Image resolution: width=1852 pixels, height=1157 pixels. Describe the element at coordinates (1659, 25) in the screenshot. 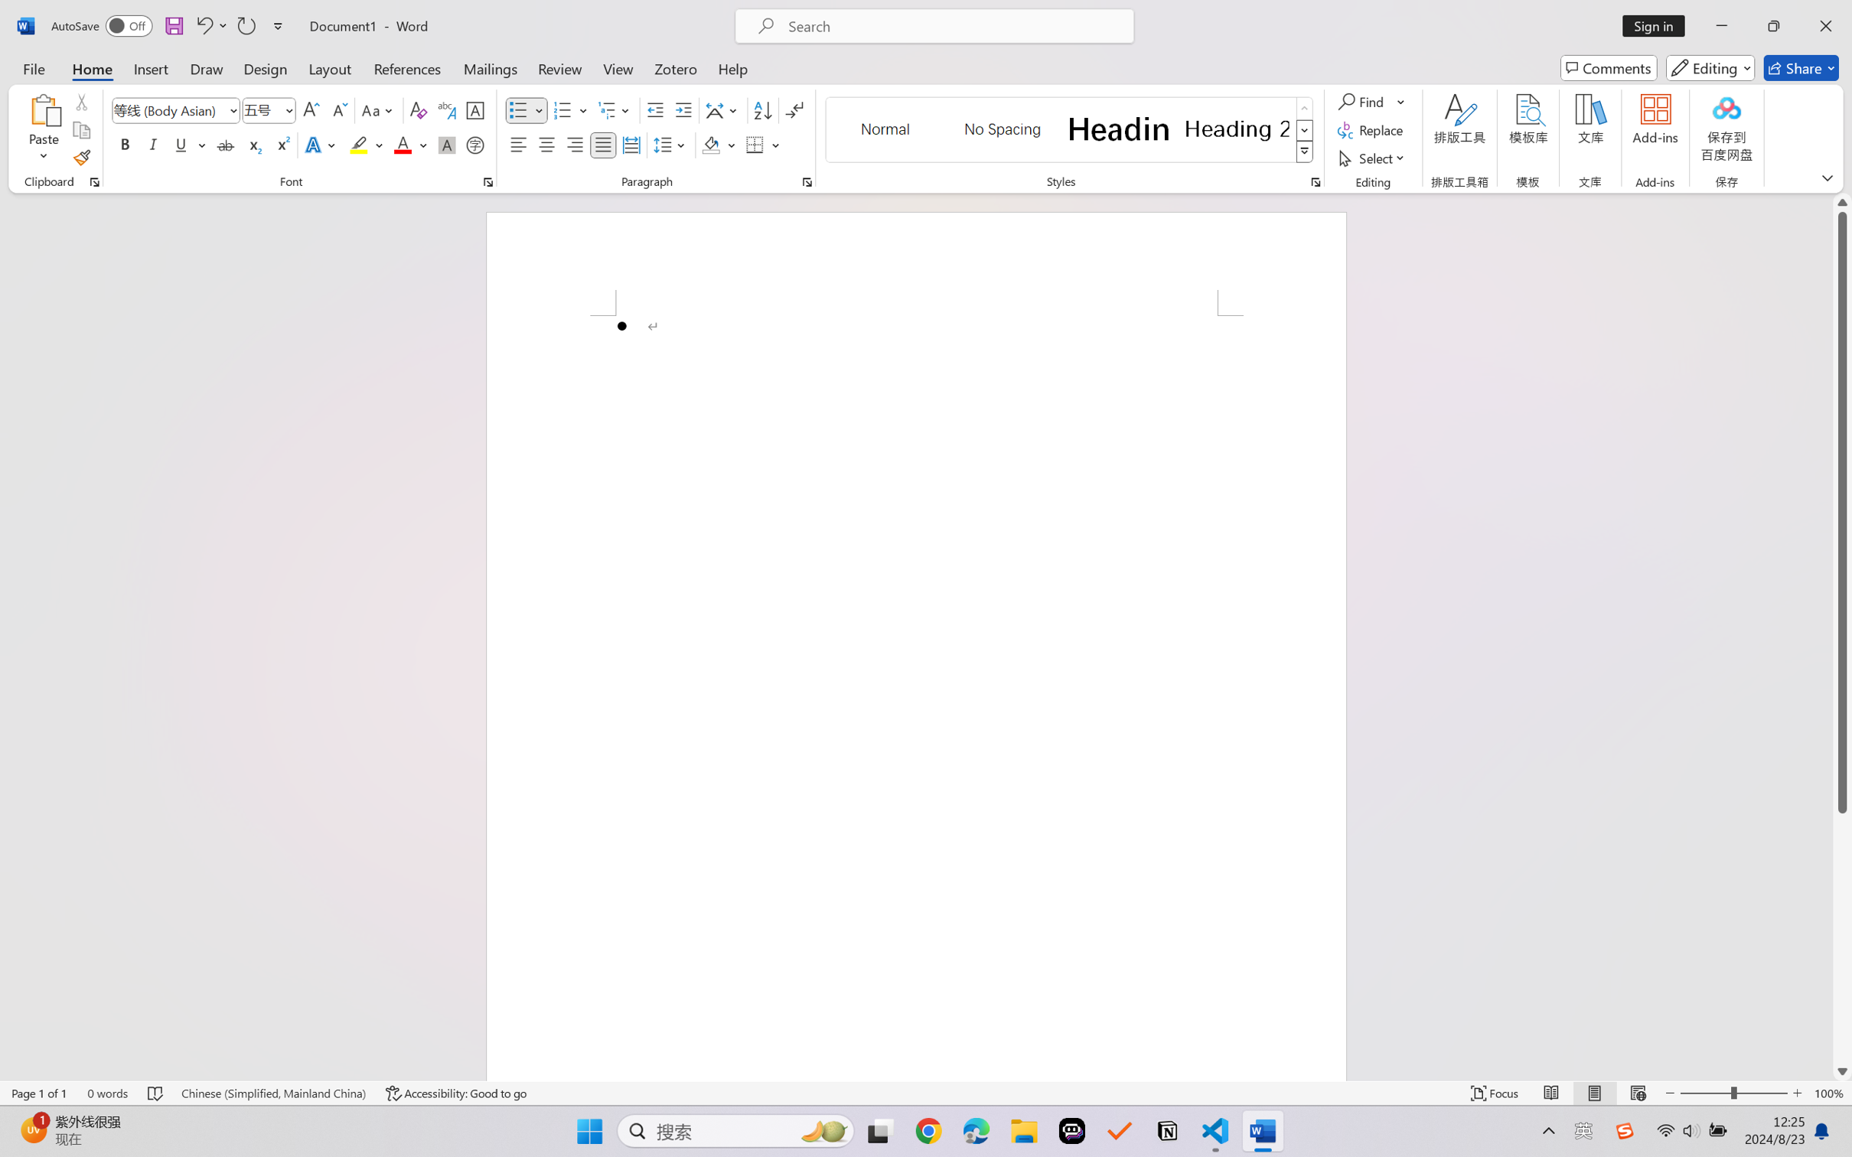

I see `'Sign in'` at that location.